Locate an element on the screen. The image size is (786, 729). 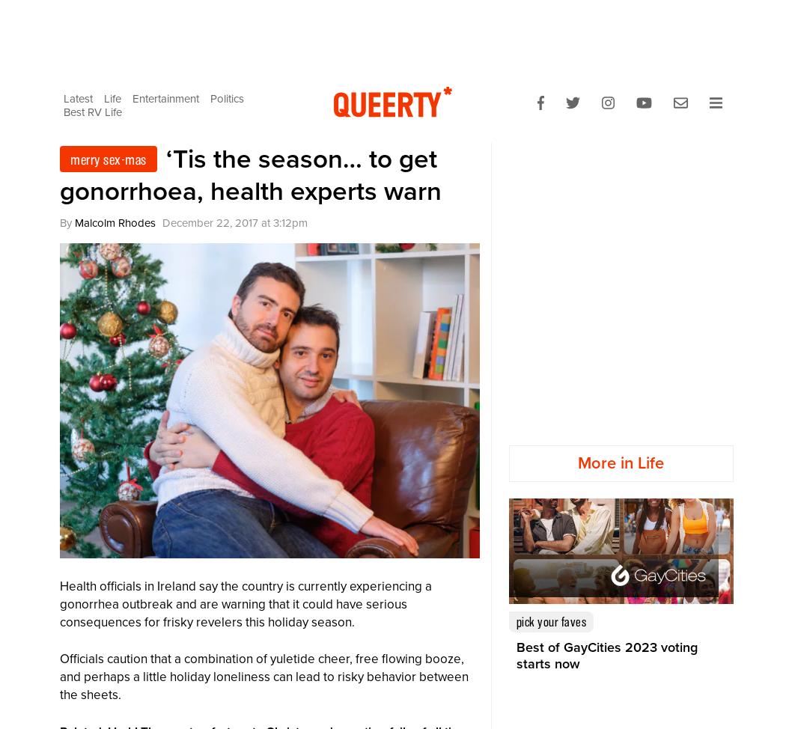
'at' is located at coordinates (265, 222).